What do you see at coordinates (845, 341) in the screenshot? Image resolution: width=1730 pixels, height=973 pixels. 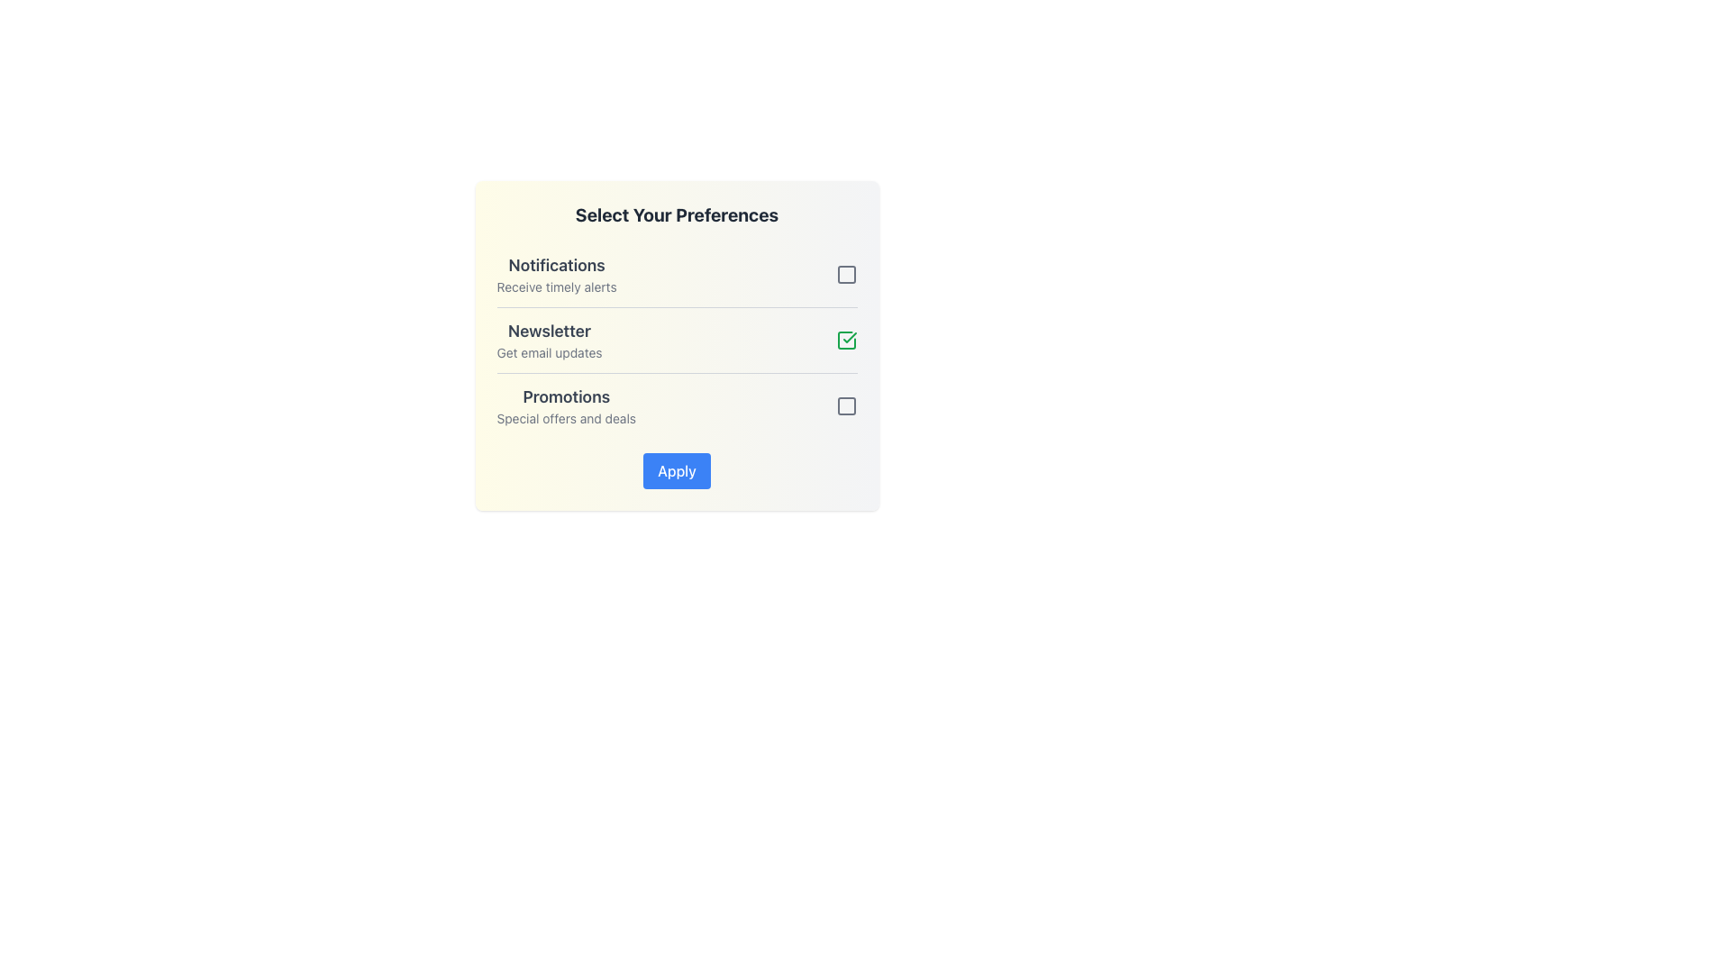 I see `the checkbox` at bounding box center [845, 341].